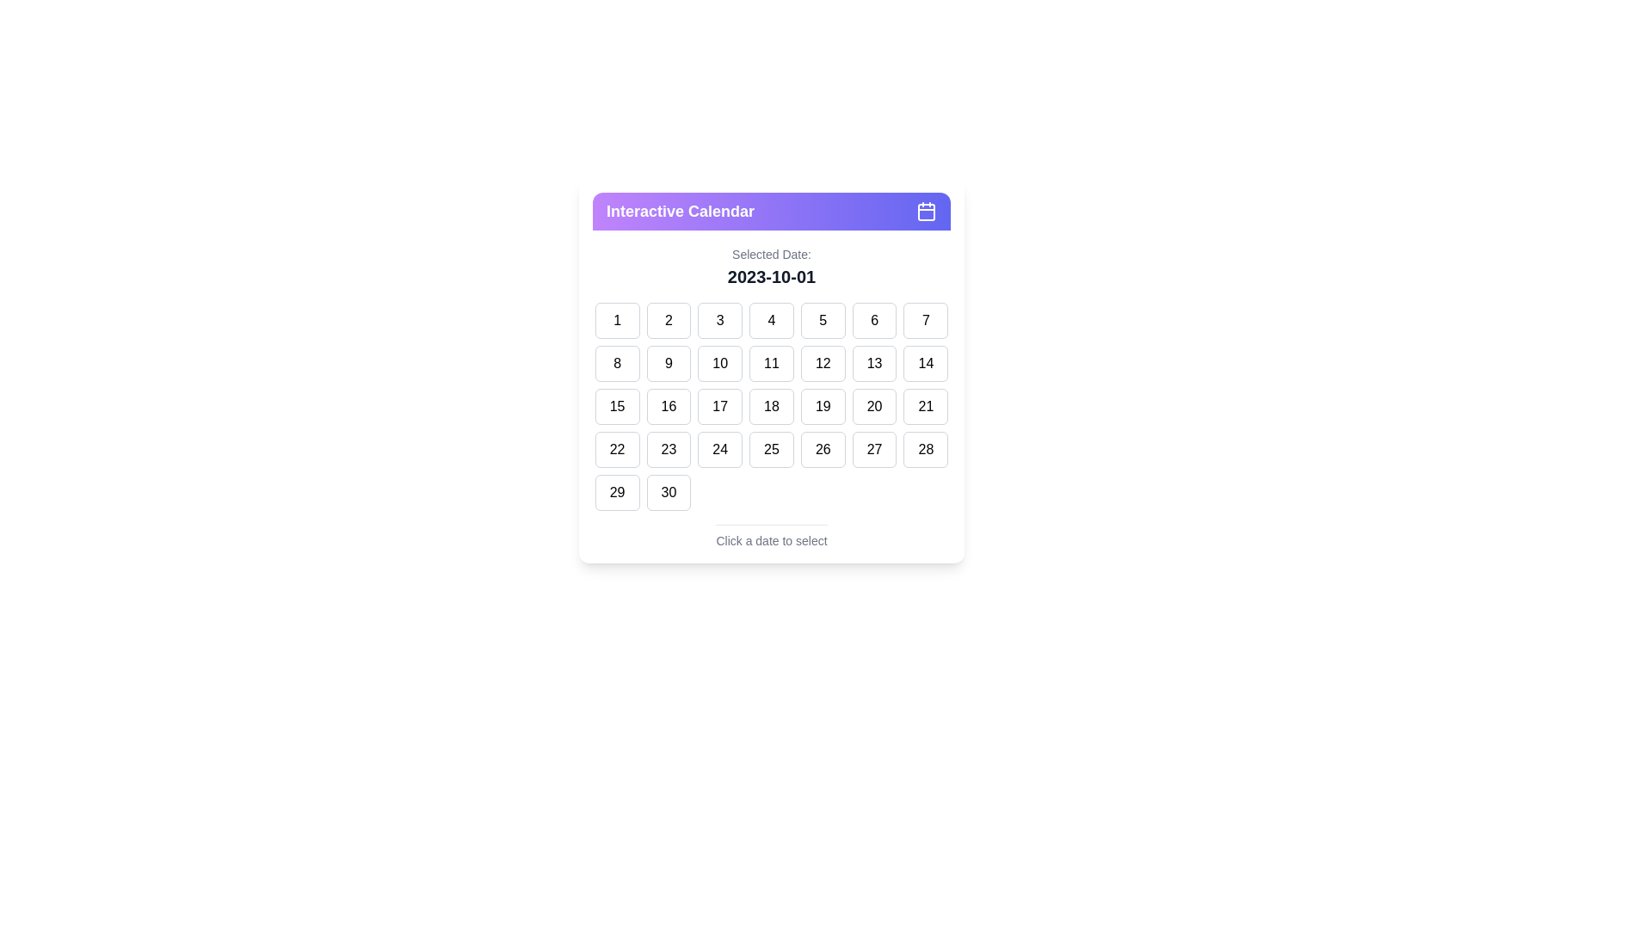 This screenshot has height=929, width=1652. I want to click on the calendar date tile displaying the number '19' in bold black font, so click(822, 407).